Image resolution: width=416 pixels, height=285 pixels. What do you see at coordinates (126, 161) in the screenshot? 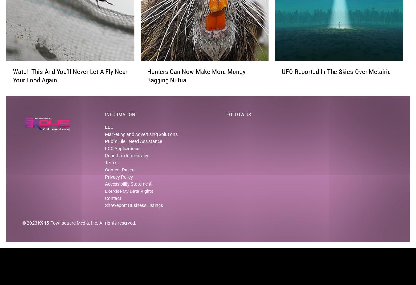
I see `'Report an Inaccuracy'` at bounding box center [126, 161].